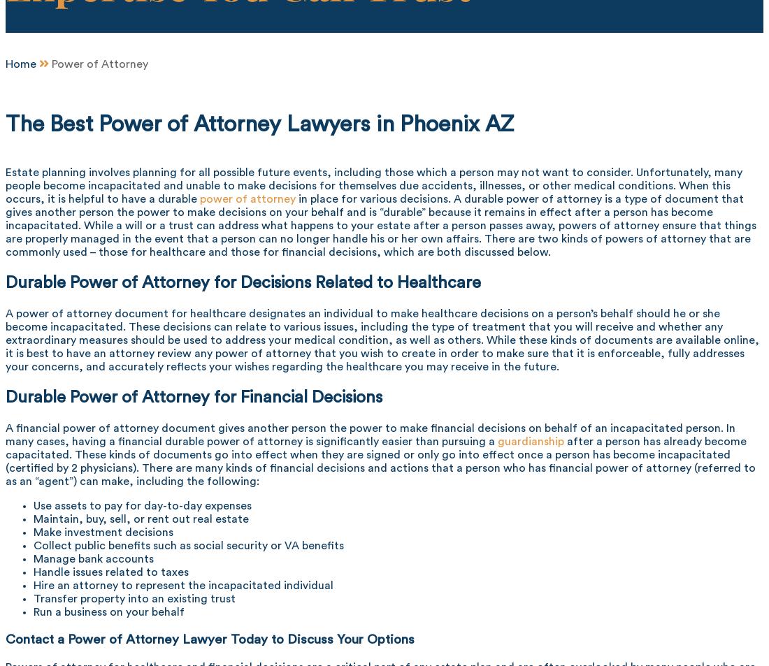  What do you see at coordinates (247, 197) in the screenshot?
I see `'power of attorney'` at bounding box center [247, 197].